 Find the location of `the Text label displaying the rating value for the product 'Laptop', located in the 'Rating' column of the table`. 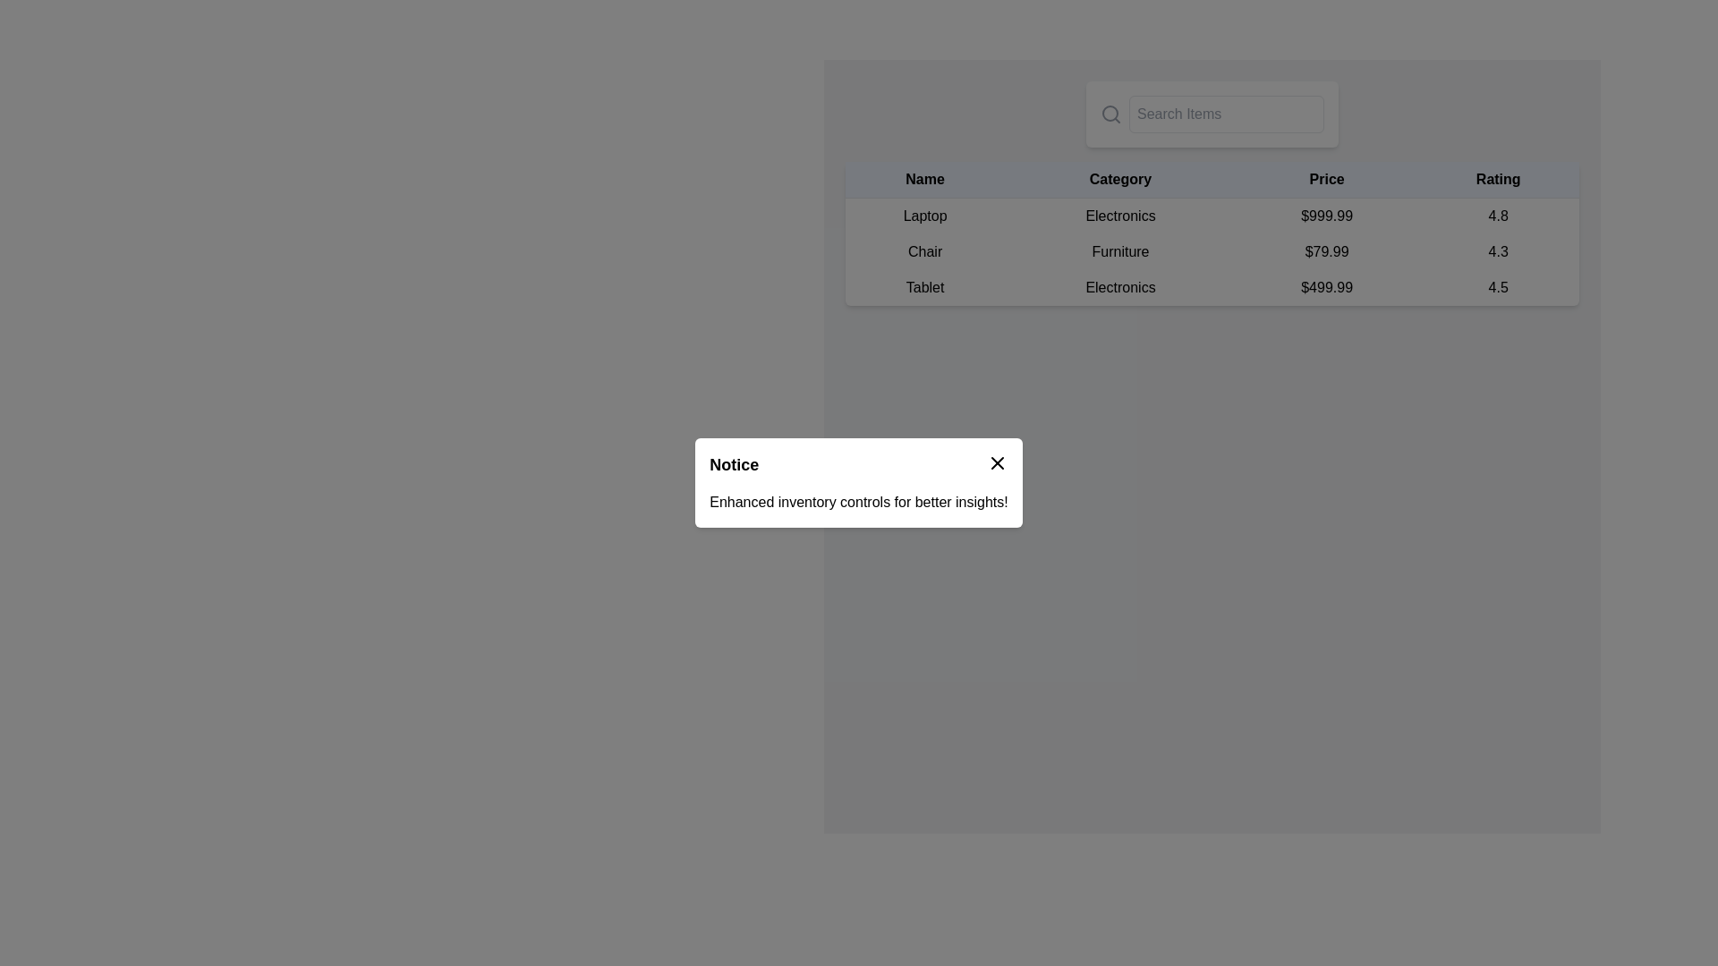

the Text label displaying the rating value for the product 'Laptop', located in the 'Rating' column of the table is located at coordinates (1498, 215).